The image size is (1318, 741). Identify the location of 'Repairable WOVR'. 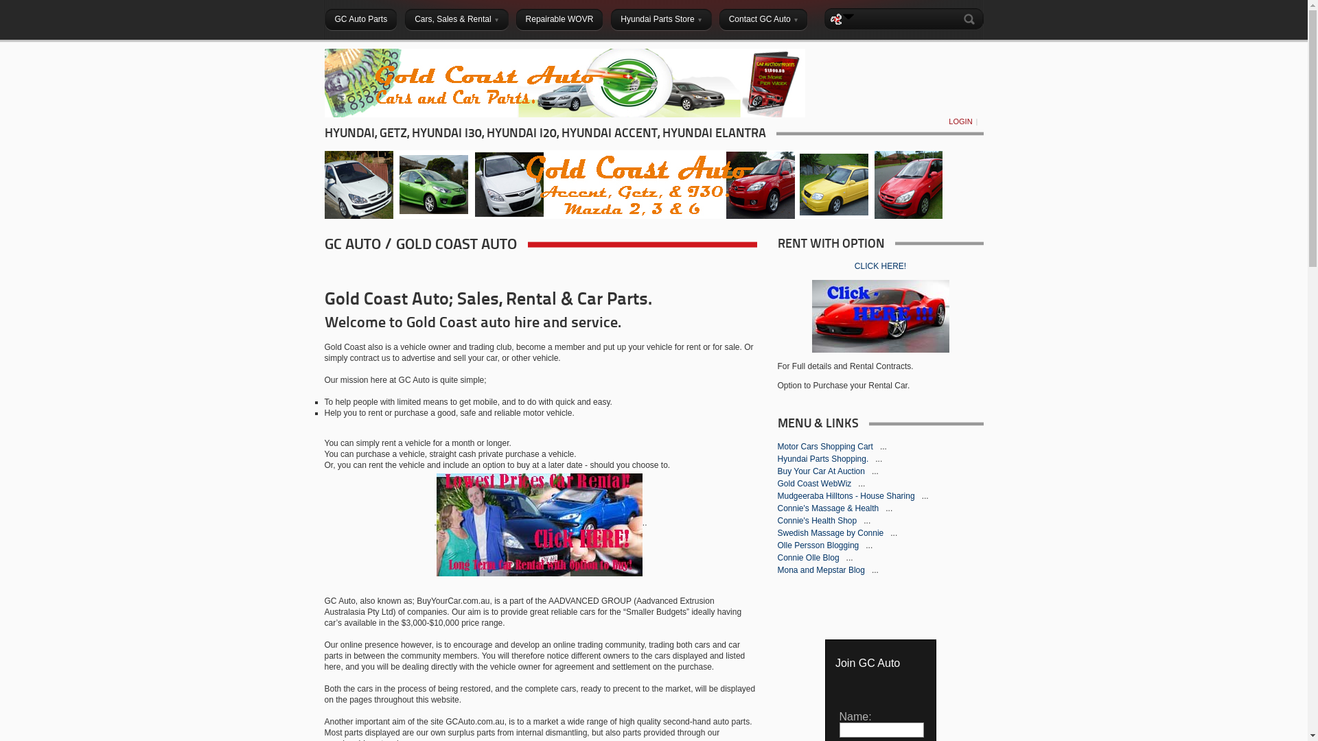
(559, 19).